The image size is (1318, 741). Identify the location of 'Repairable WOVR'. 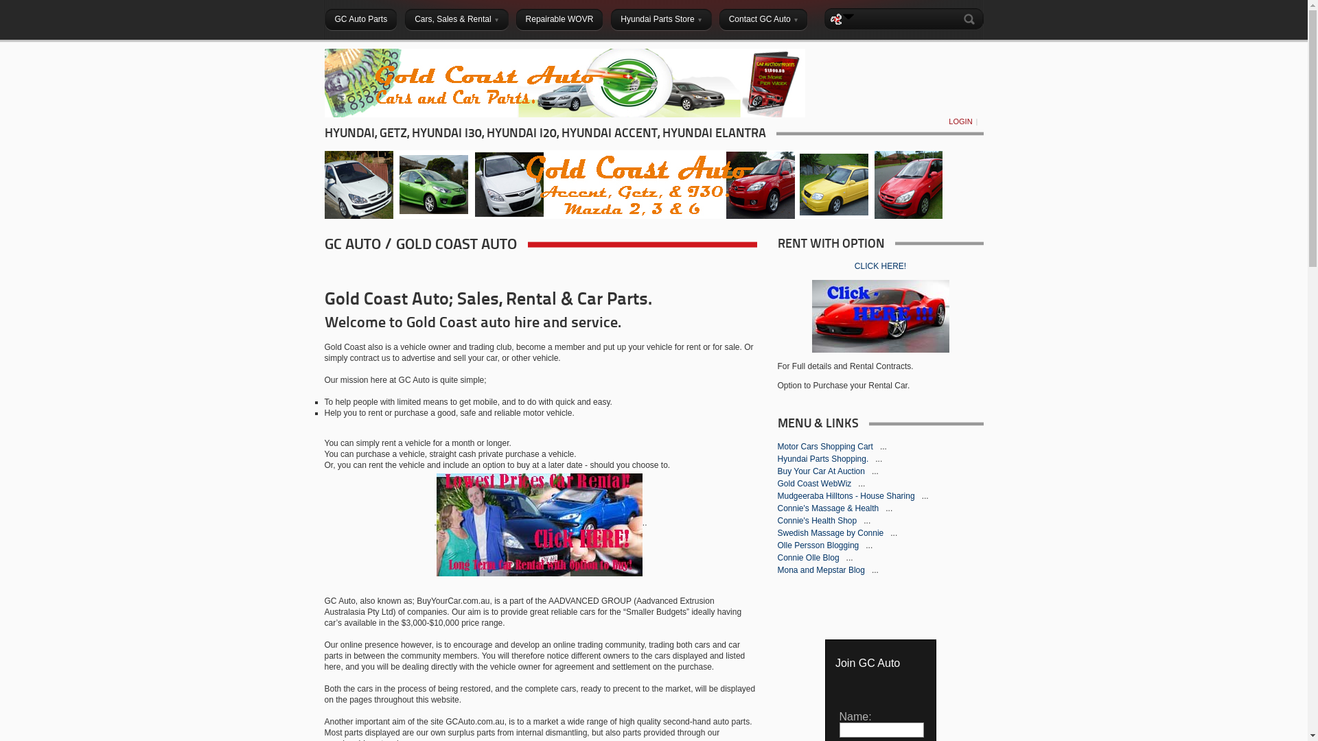
(559, 19).